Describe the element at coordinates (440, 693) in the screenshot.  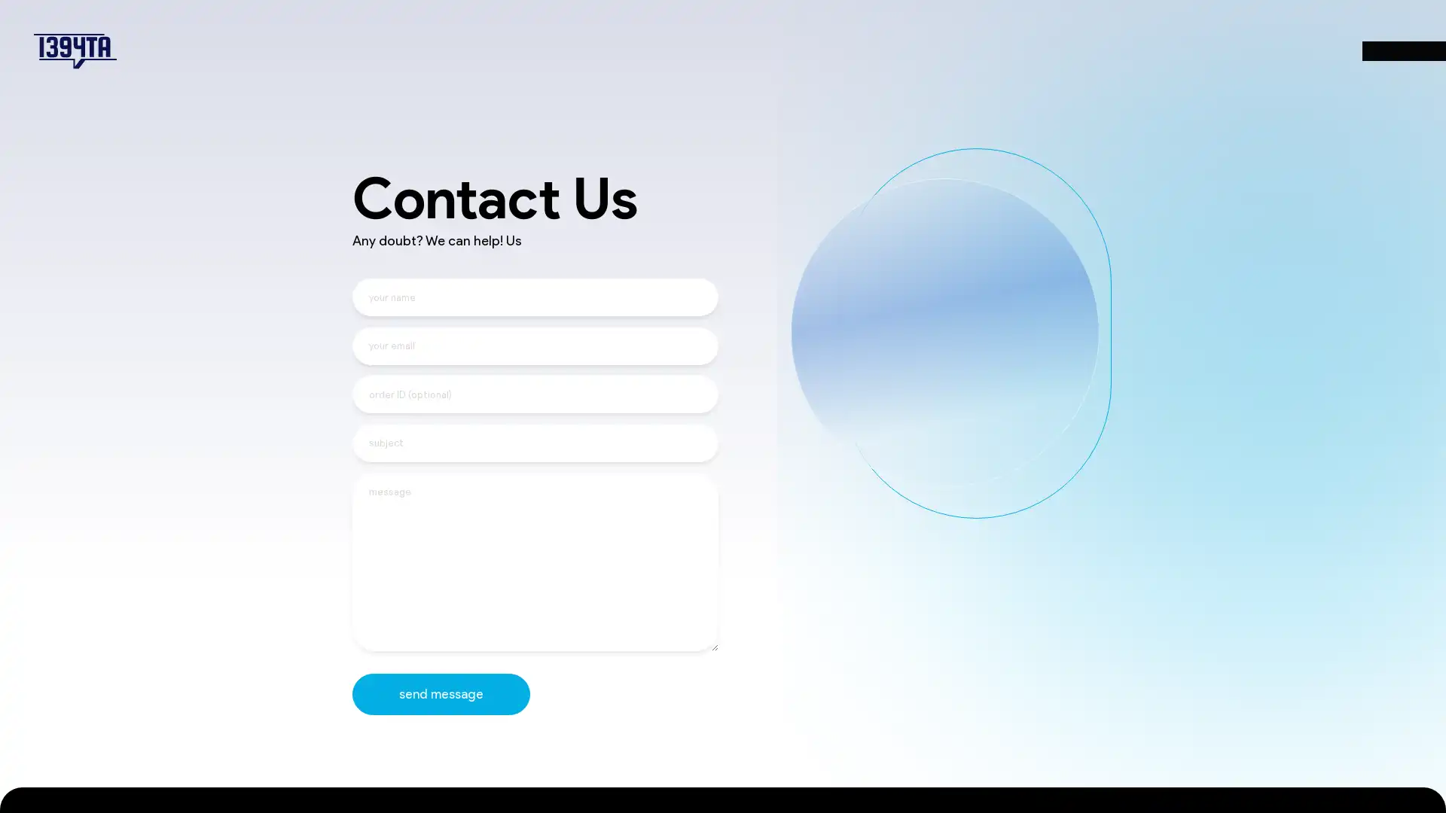
I see `send message` at that location.